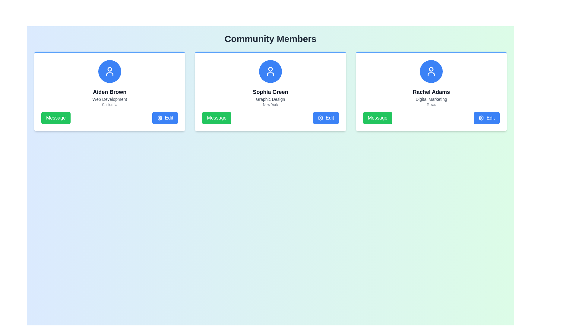 The height and width of the screenshot is (326, 579). I want to click on the profile icon representing 'Rachel Adams' at the top-center of her card, located above her name and title, so click(431, 71).